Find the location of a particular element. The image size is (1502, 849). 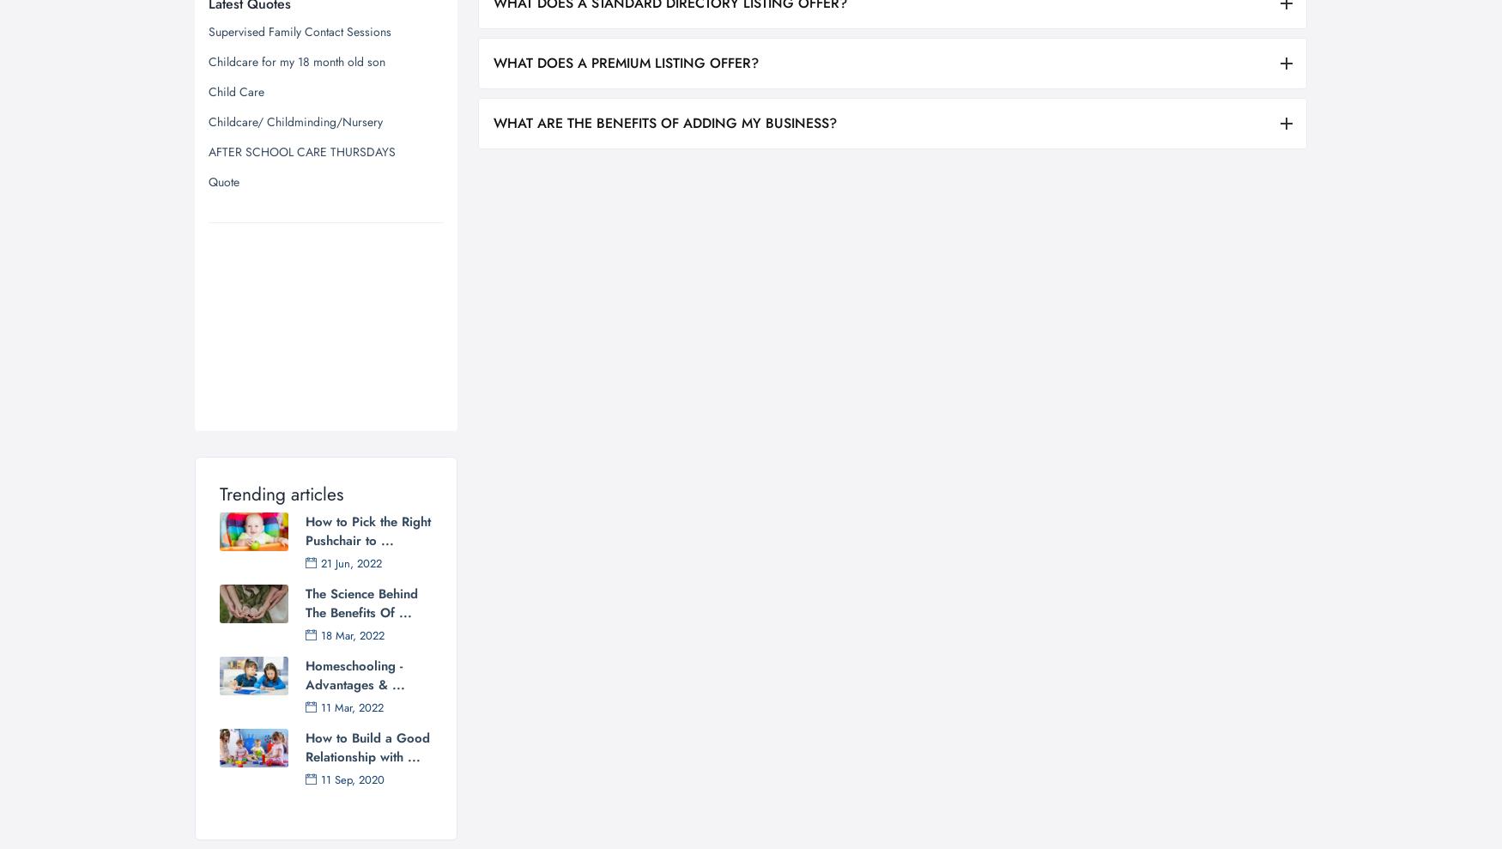

'Blog' is located at coordinates (583, 754).